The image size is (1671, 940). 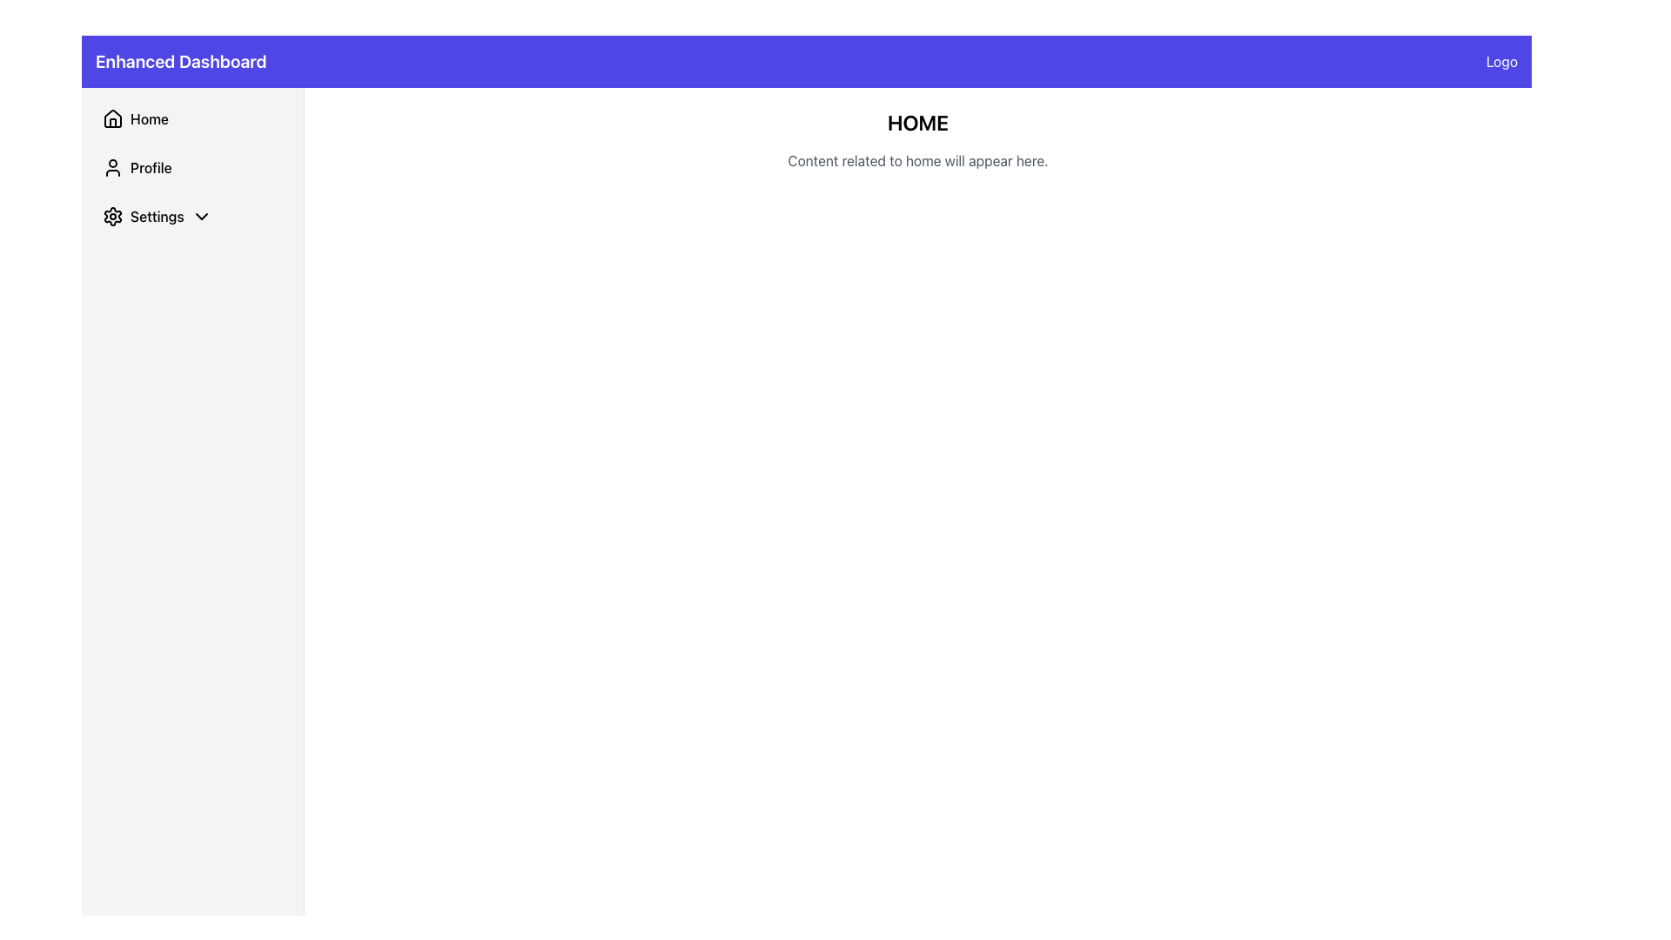 What do you see at coordinates (192, 167) in the screenshot?
I see `the second menu item in the left-hand sidebar` at bounding box center [192, 167].